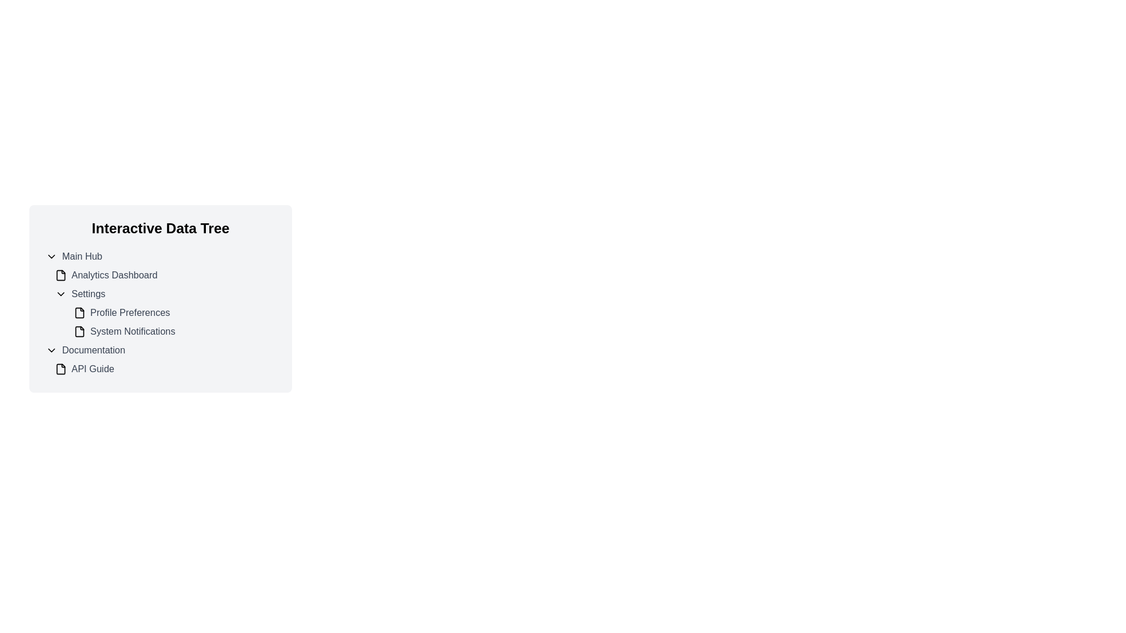 The image size is (1126, 633). What do you see at coordinates (160, 349) in the screenshot?
I see `the Collapsible menu item located below the 'Settings' section` at bounding box center [160, 349].